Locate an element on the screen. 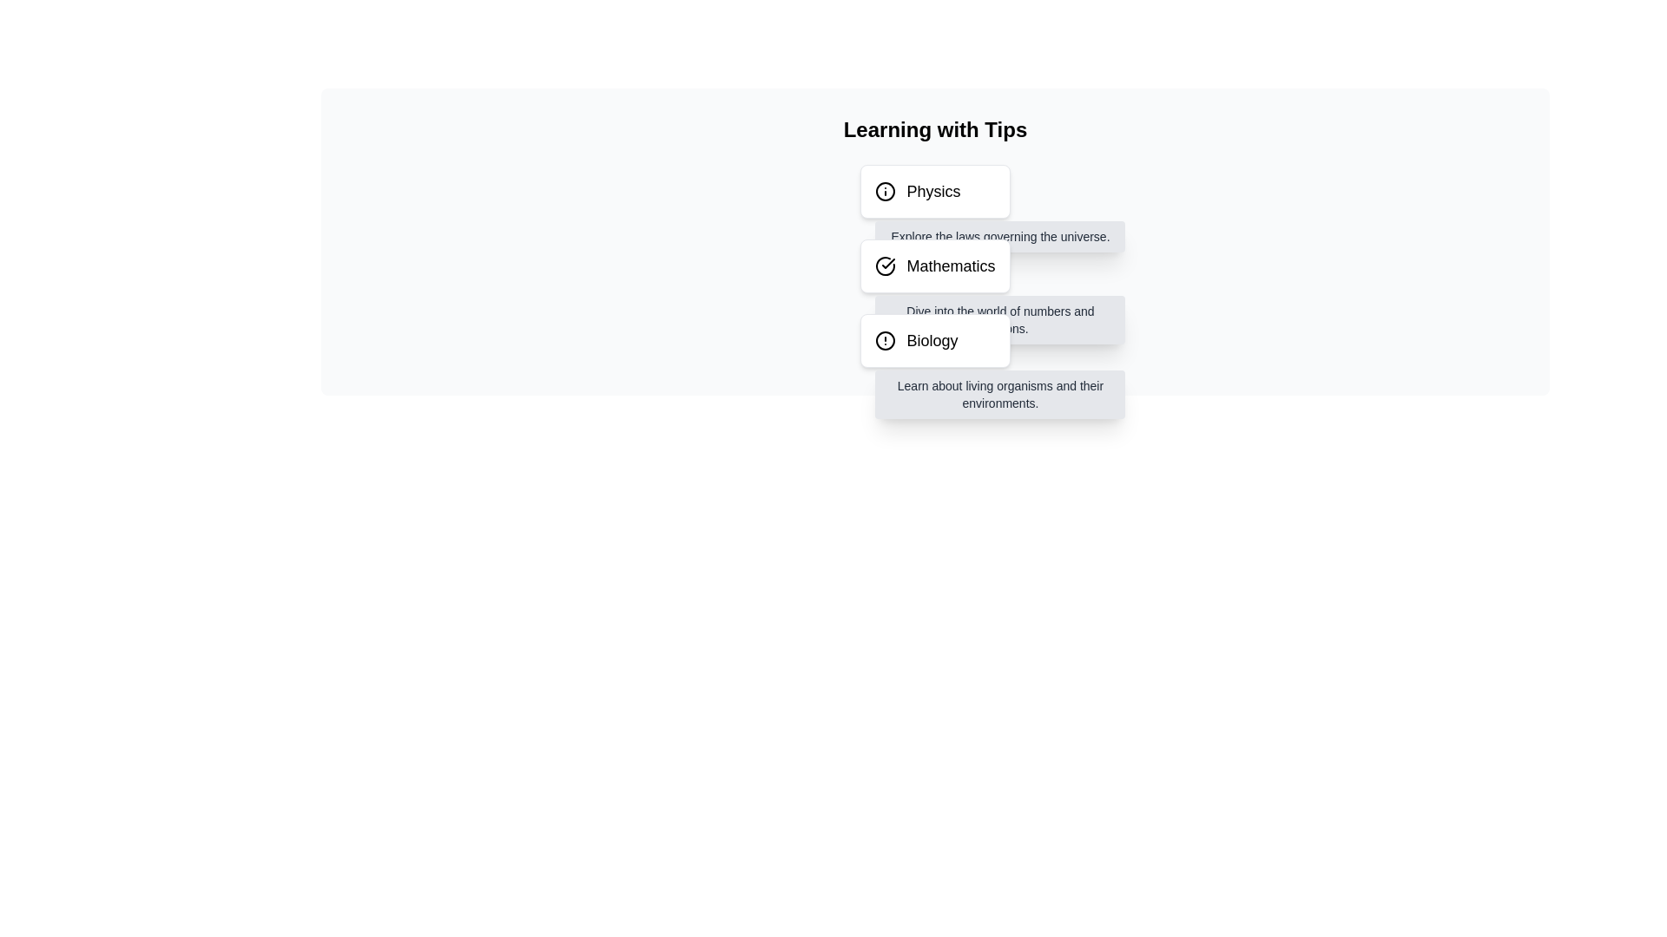  the circular informational icon located at the left end of the row for the 'Physics' topic is located at coordinates (886, 191).